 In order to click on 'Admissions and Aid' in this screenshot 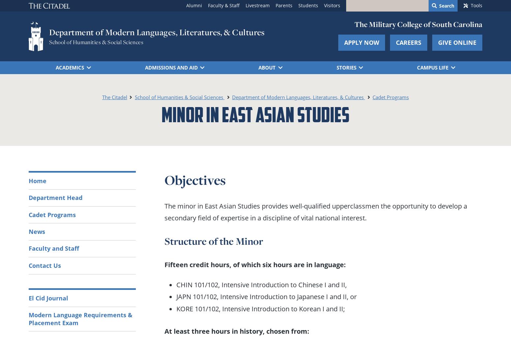, I will do `click(170, 67)`.